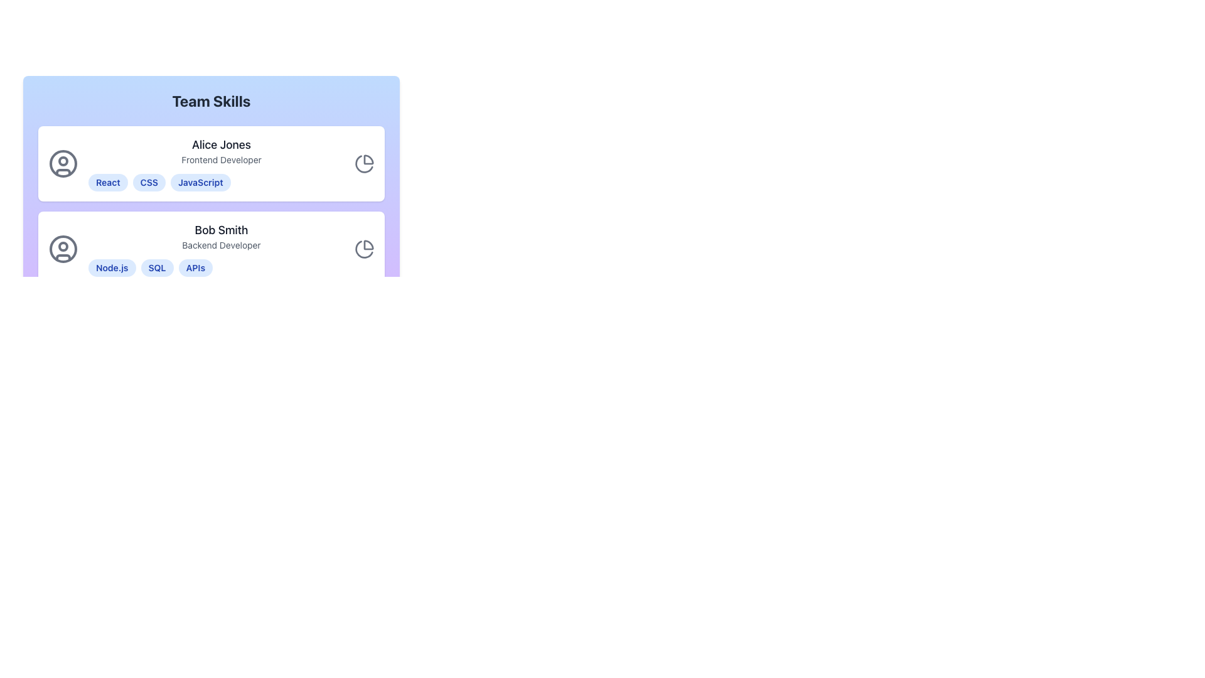  Describe the element at coordinates (149, 182) in the screenshot. I see `the second badge element indicating a skill associated with 'Alice Jones', which is labeled 'CSS'` at that location.